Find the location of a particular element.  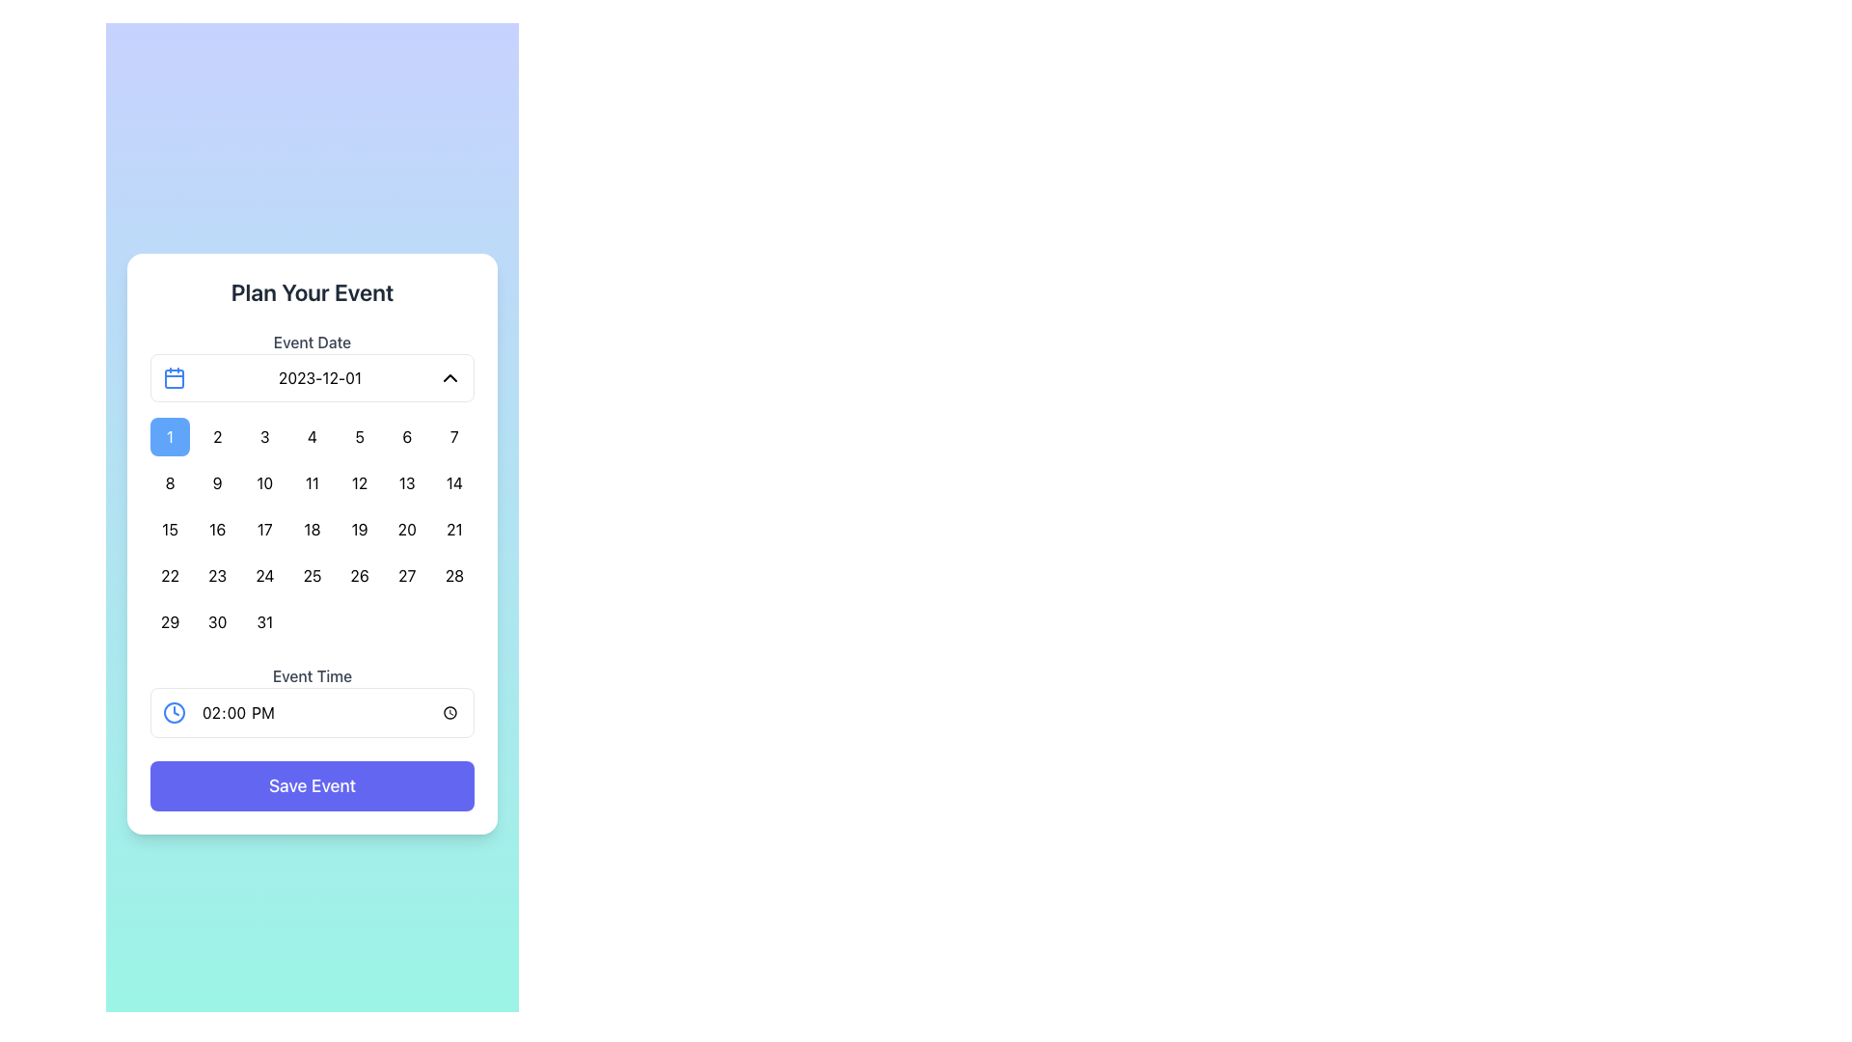

the circular button containing the number '25' in bold text is located at coordinates (312, 575).